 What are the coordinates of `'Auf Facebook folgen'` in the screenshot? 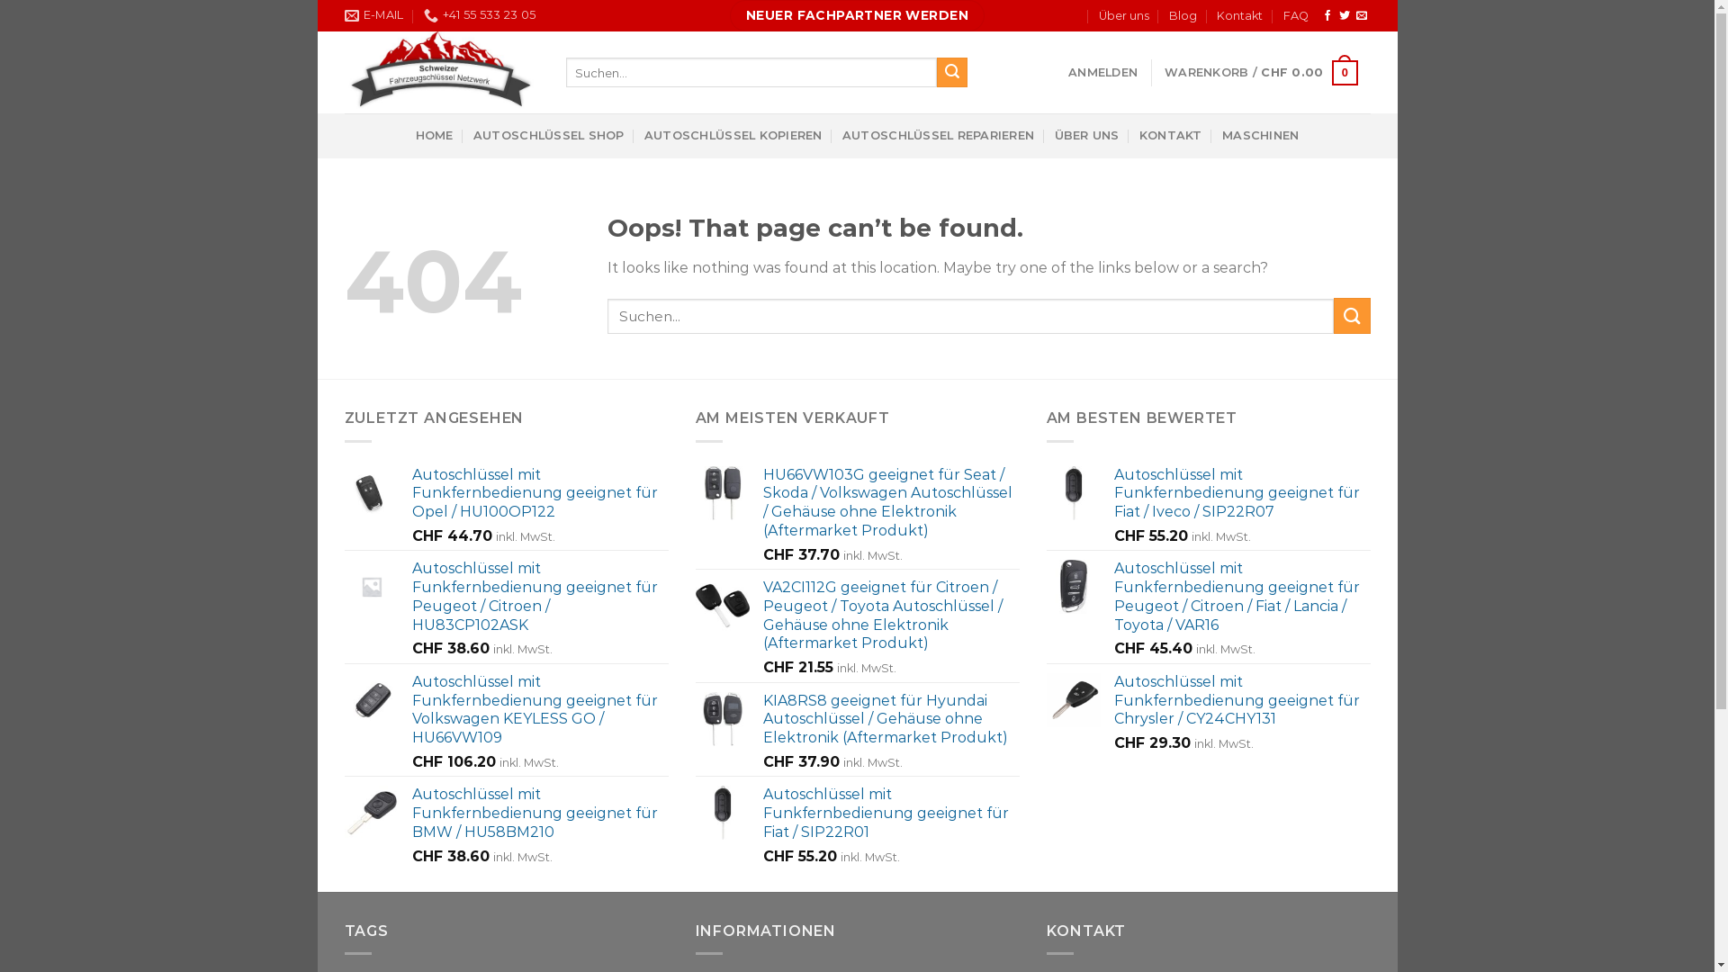 It's located at (1327, 16).